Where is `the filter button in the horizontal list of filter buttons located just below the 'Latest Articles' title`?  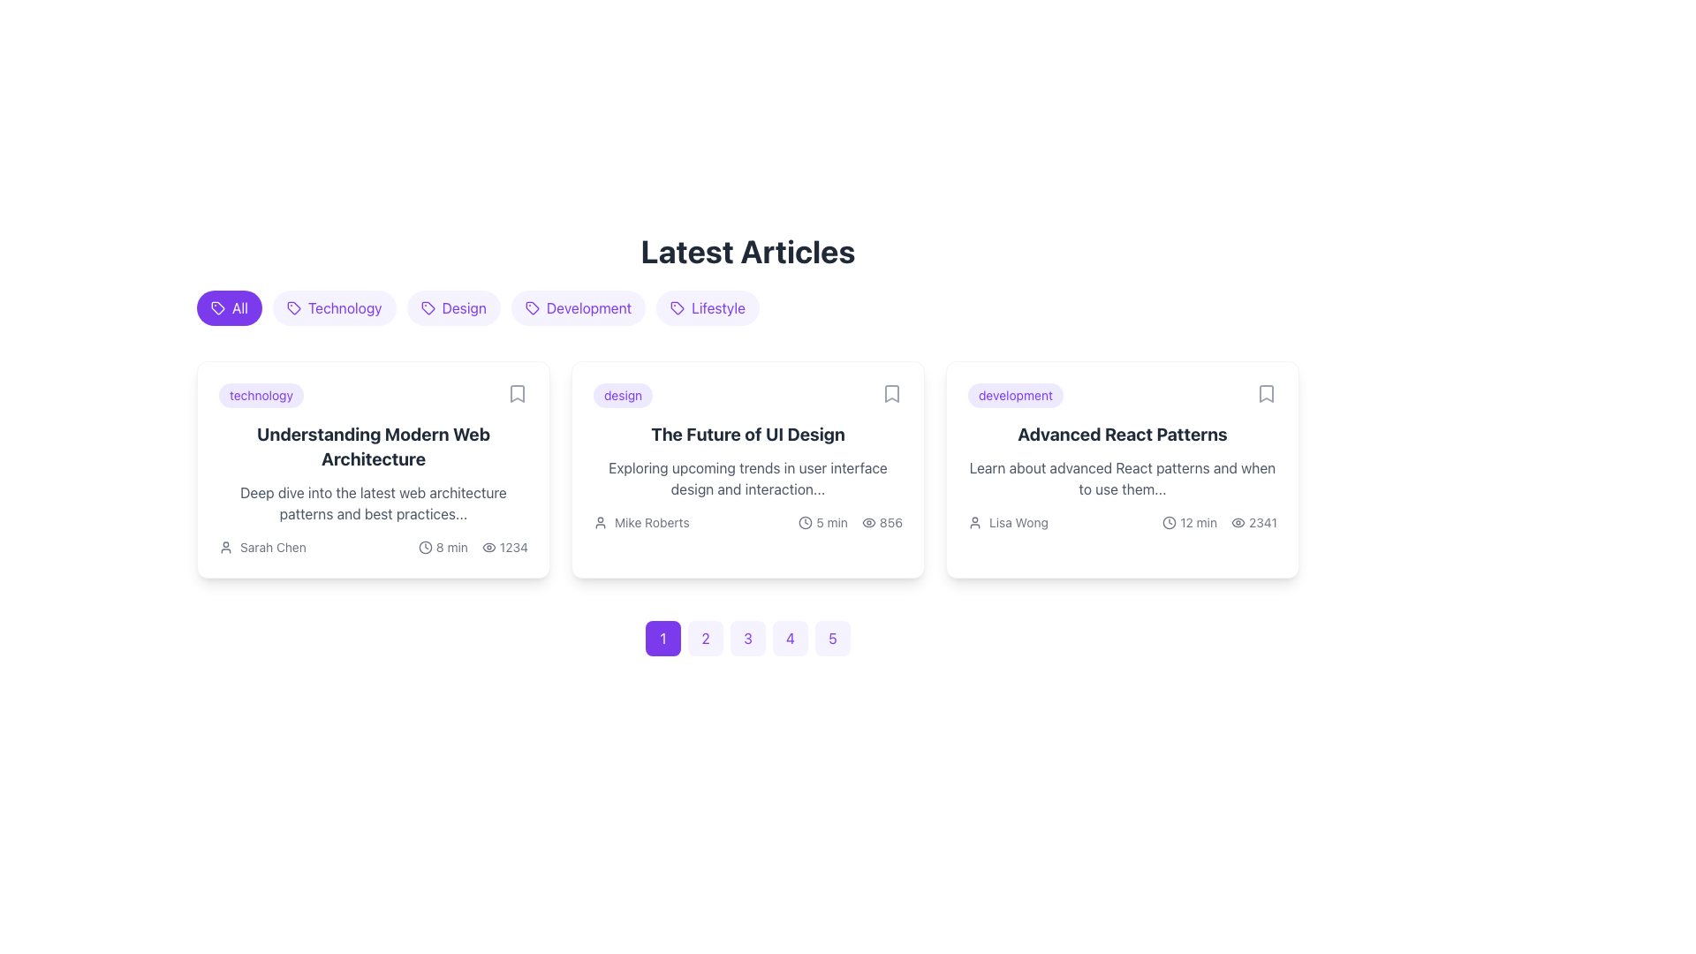 the filter button in the horizontal list of filter buttons located just below the 'Latest Articles' title is located at coordinates (747, 311).